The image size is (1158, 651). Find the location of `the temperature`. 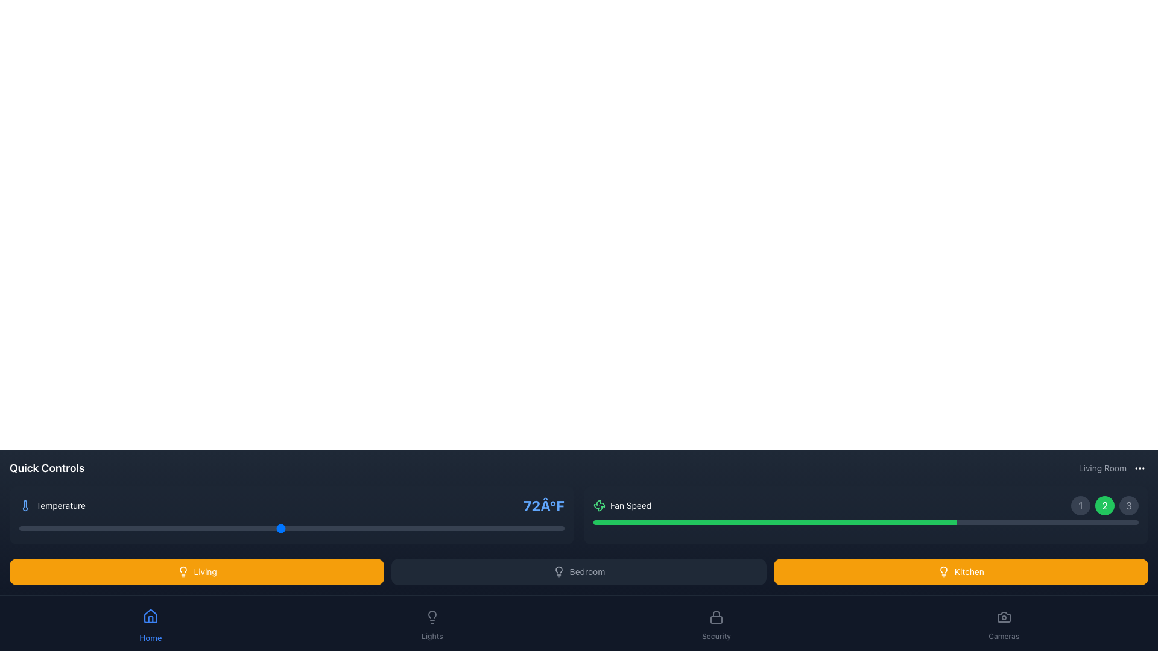

the temperature is located at coordinates (280, 527).